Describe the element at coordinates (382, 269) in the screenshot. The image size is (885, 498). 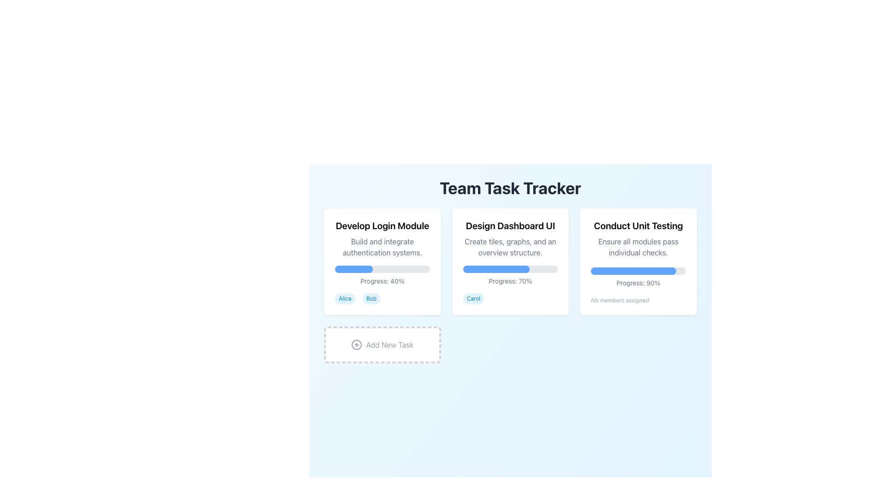
I see `the completion status visually represented by the Progress Bar for the 'Develop Login Module' task, indicating 40% completion` at that location.